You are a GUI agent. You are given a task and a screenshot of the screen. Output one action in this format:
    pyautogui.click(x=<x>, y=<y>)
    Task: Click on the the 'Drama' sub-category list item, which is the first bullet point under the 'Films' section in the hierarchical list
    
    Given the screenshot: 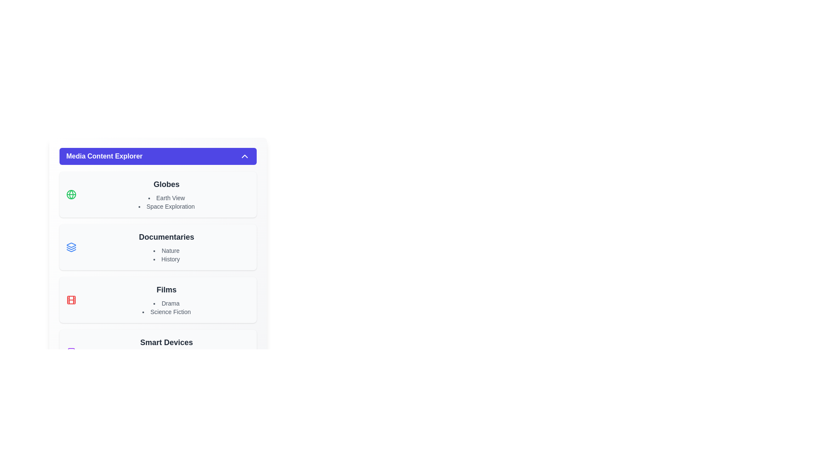 What is the action you would take?
    pyautogui.click(x=167, y=299)
    